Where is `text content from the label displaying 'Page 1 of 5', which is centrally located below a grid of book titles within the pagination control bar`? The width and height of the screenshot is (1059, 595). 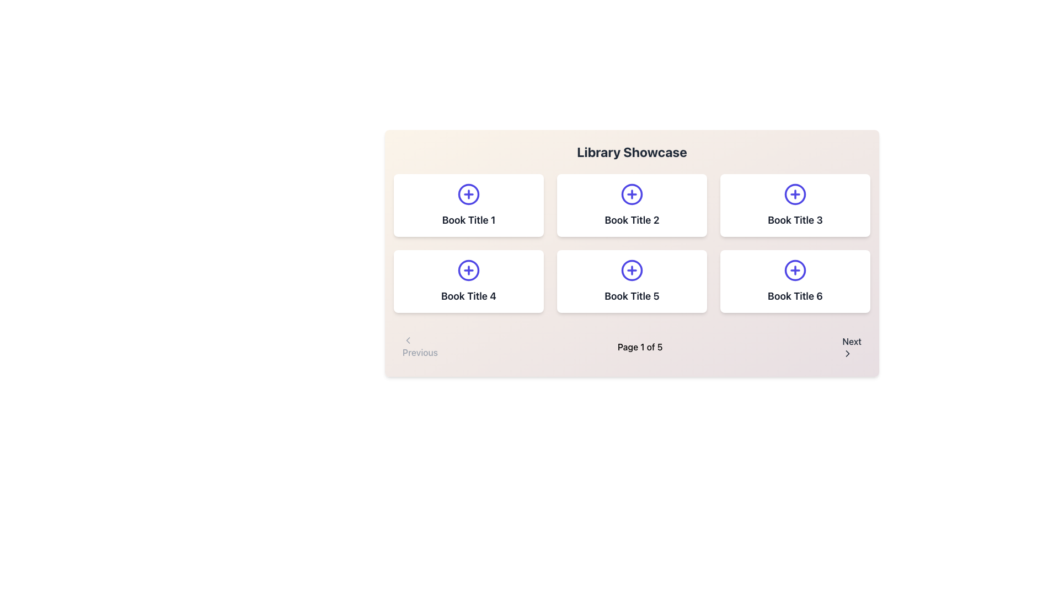 text content from the label displaying 'Page 1 of 5', which is centrally located below a grid of book titles within the pagination control bar is located at coordinates (632, 346).